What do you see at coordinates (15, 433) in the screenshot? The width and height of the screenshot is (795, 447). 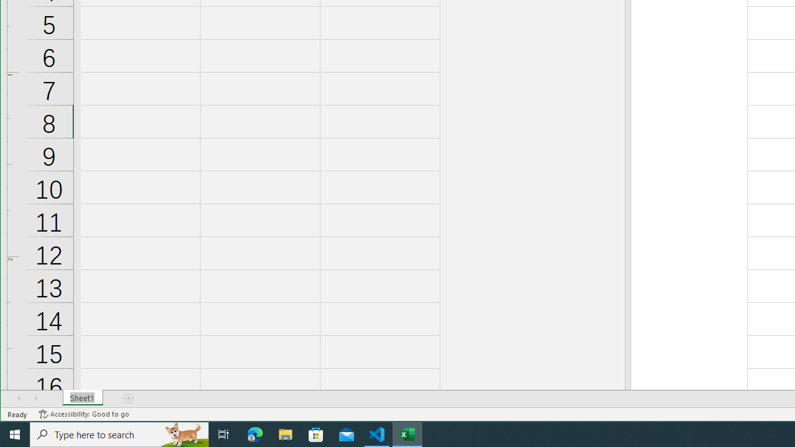 I see `'Start'` at bounding box center [15, 433].